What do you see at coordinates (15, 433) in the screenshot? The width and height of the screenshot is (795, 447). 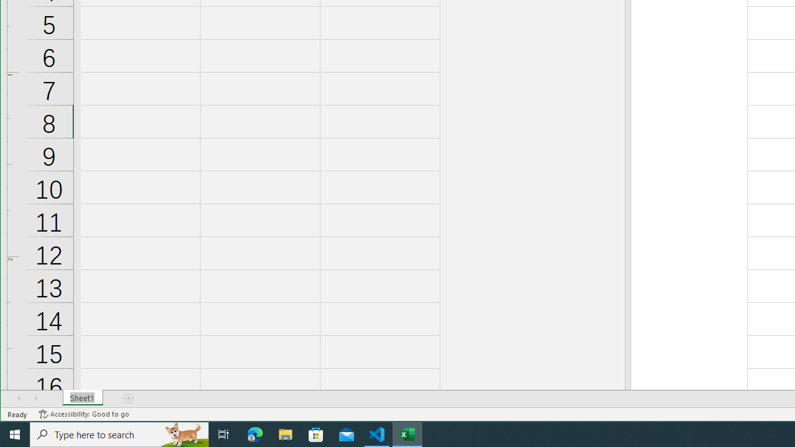 I see `'Start'` at bounding box center [15, 433].